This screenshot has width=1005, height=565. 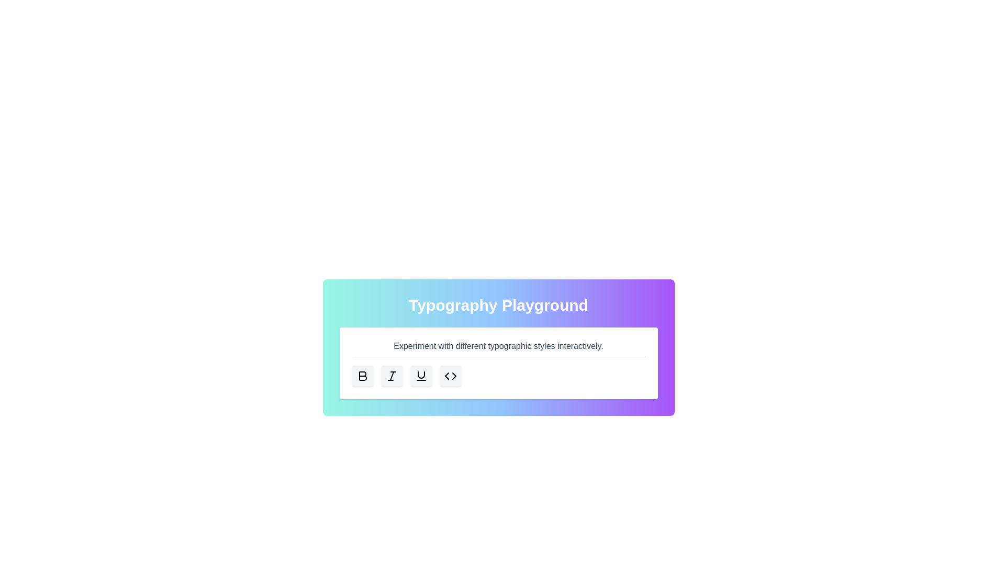 I want to click on the leftward arrow in the SVG graphical element, so click(x=446, y=375).